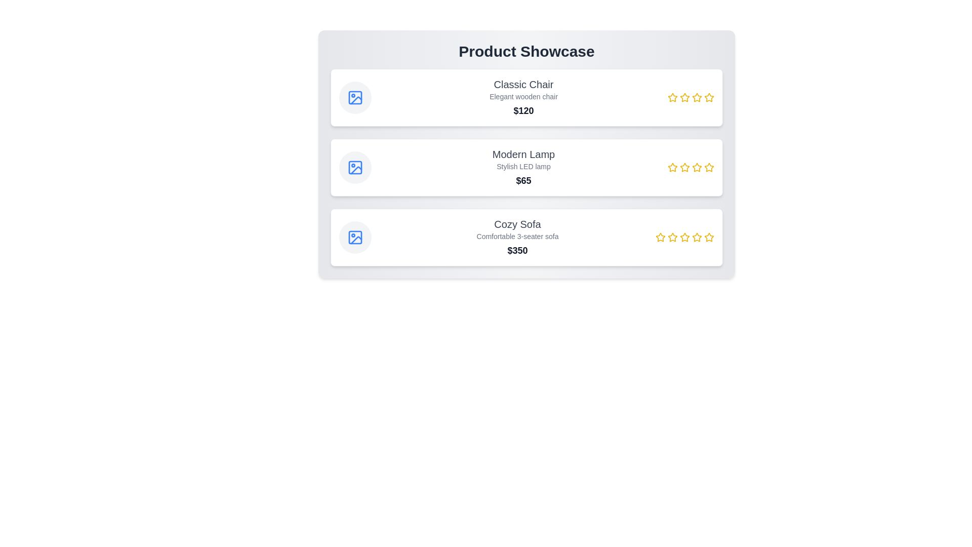  What do you see at coordinates (673, 97) in the screenshot?
I see `the rating for a product to 1 stars` at bounding box center [673, 97].